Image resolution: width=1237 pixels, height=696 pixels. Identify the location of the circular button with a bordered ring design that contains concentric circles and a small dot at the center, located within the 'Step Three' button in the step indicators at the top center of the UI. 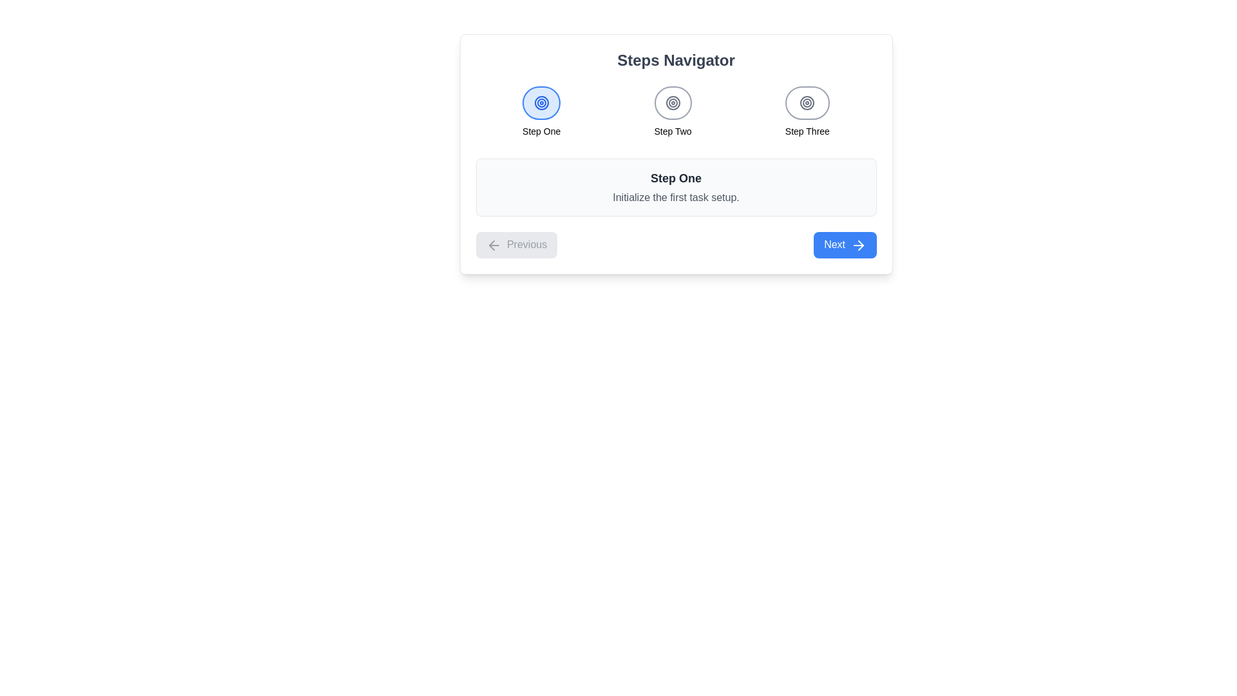
(807, 102).